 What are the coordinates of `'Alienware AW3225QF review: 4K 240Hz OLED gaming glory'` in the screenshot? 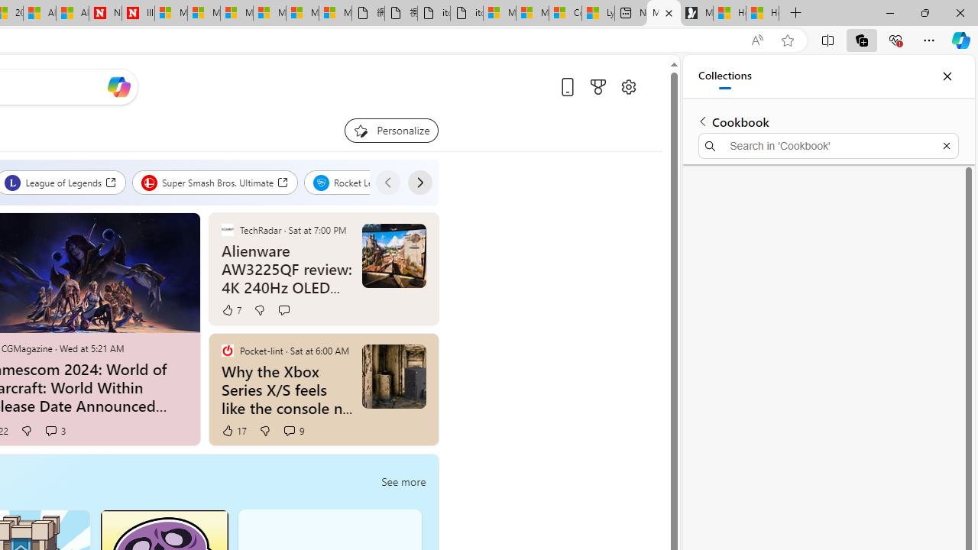 It's located at (287, 268).